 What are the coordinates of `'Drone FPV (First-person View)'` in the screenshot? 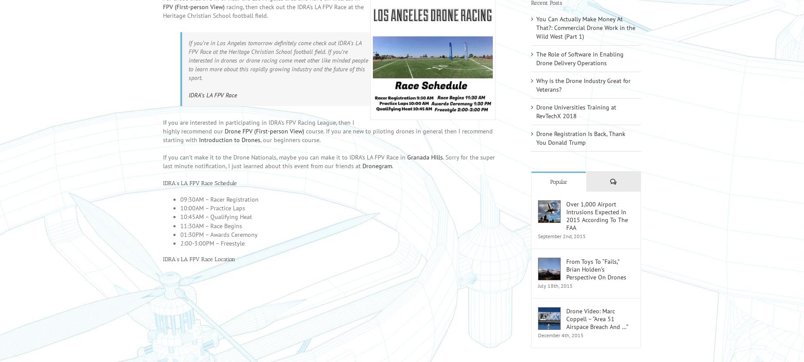 It's located at (264, 143).